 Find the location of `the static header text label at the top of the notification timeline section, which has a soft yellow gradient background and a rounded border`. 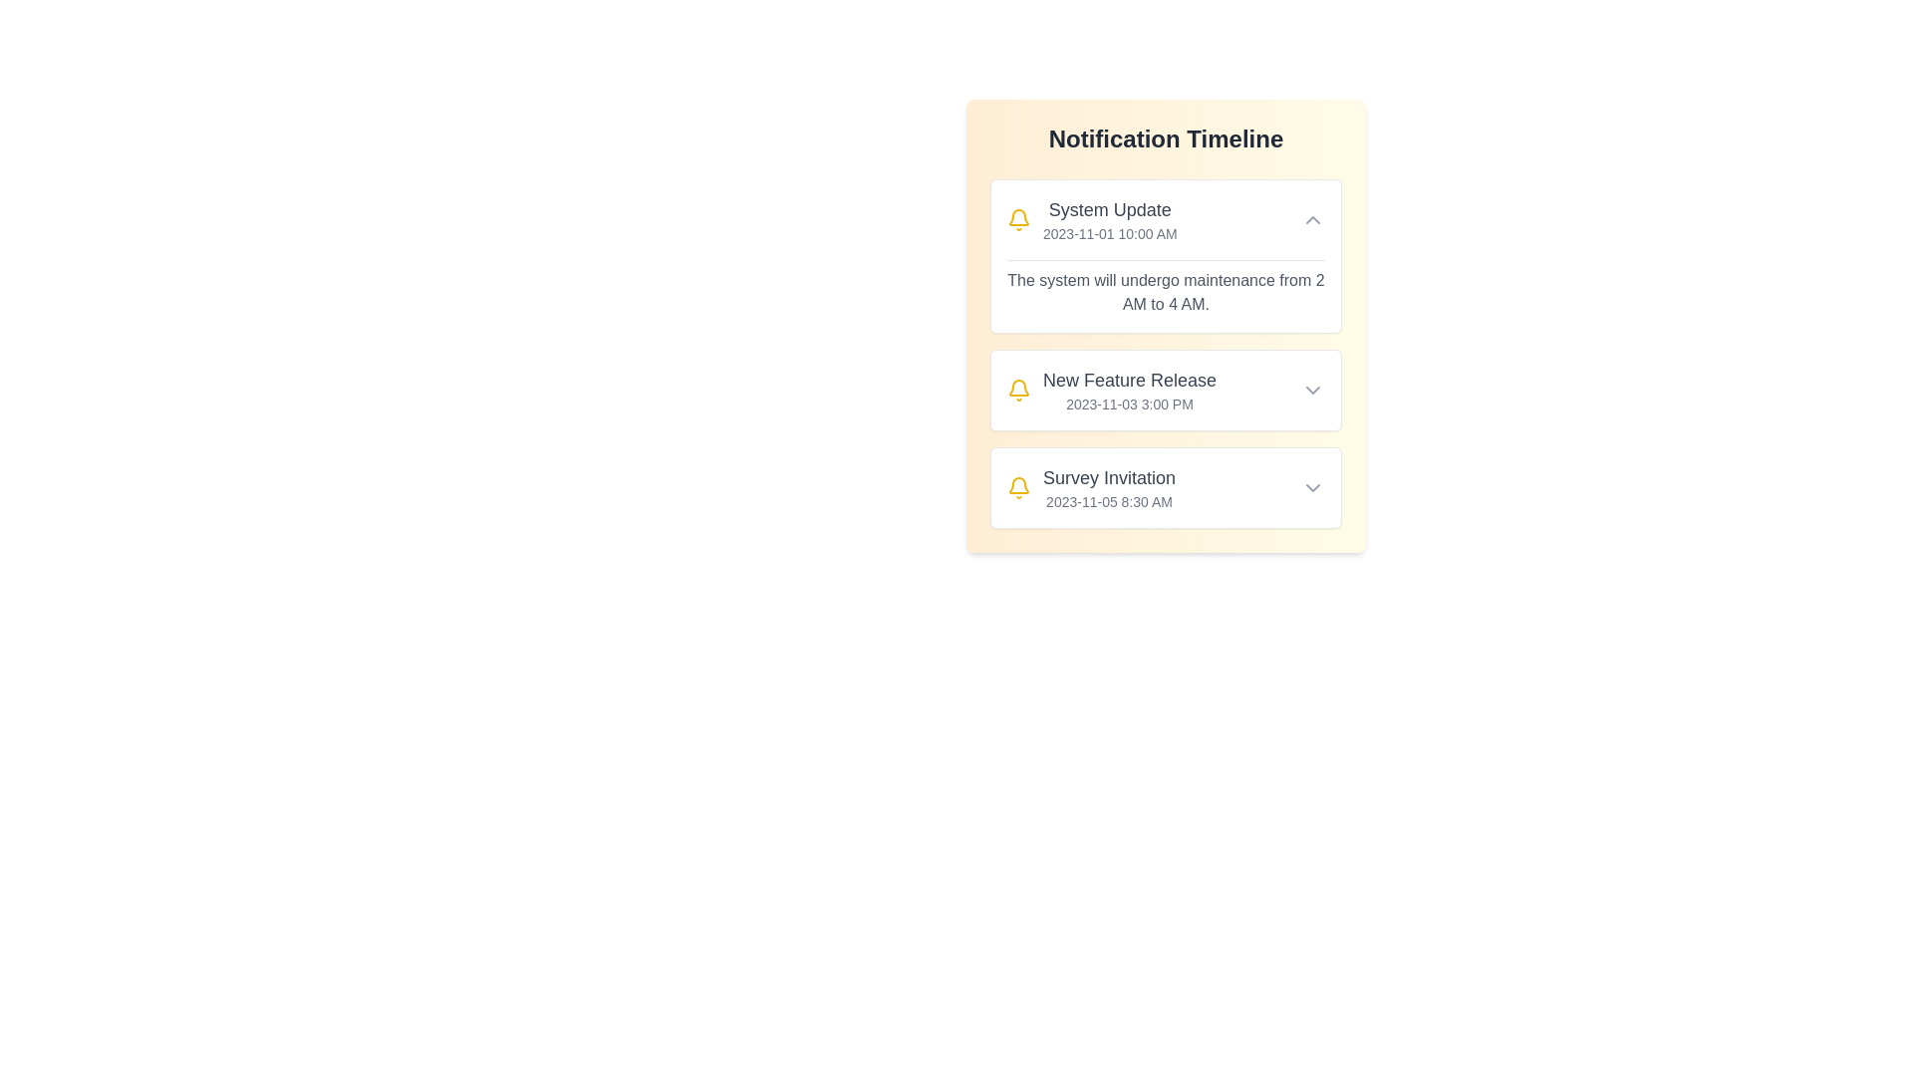

the static header text label at the top of the notification timeline section, which has a soft yellow gradient background and a rounded border is located at coordinates (1166, 137).